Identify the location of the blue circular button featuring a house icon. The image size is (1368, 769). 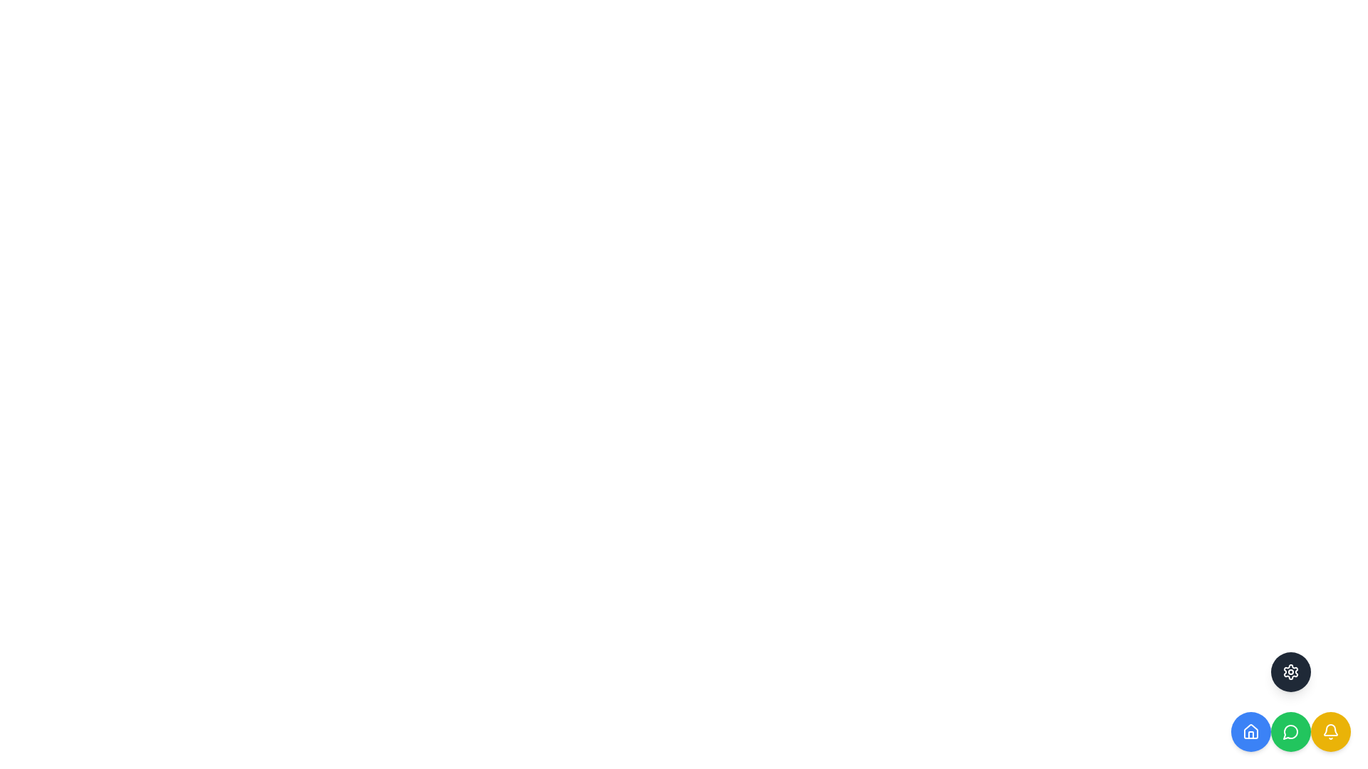
(1250, 732).